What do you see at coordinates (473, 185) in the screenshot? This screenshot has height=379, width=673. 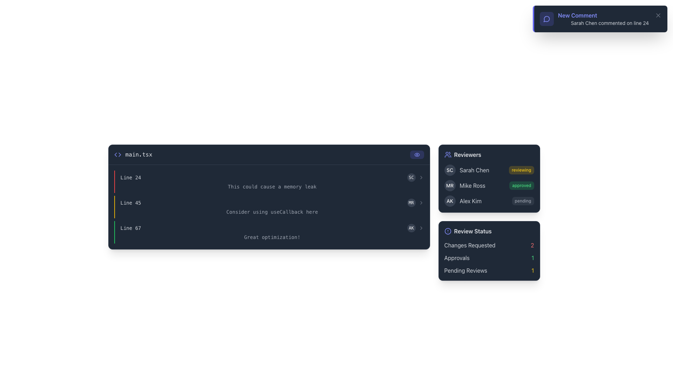 I see `the Text label displaying 'Mike Ross'` at bounding box center [473, 185].